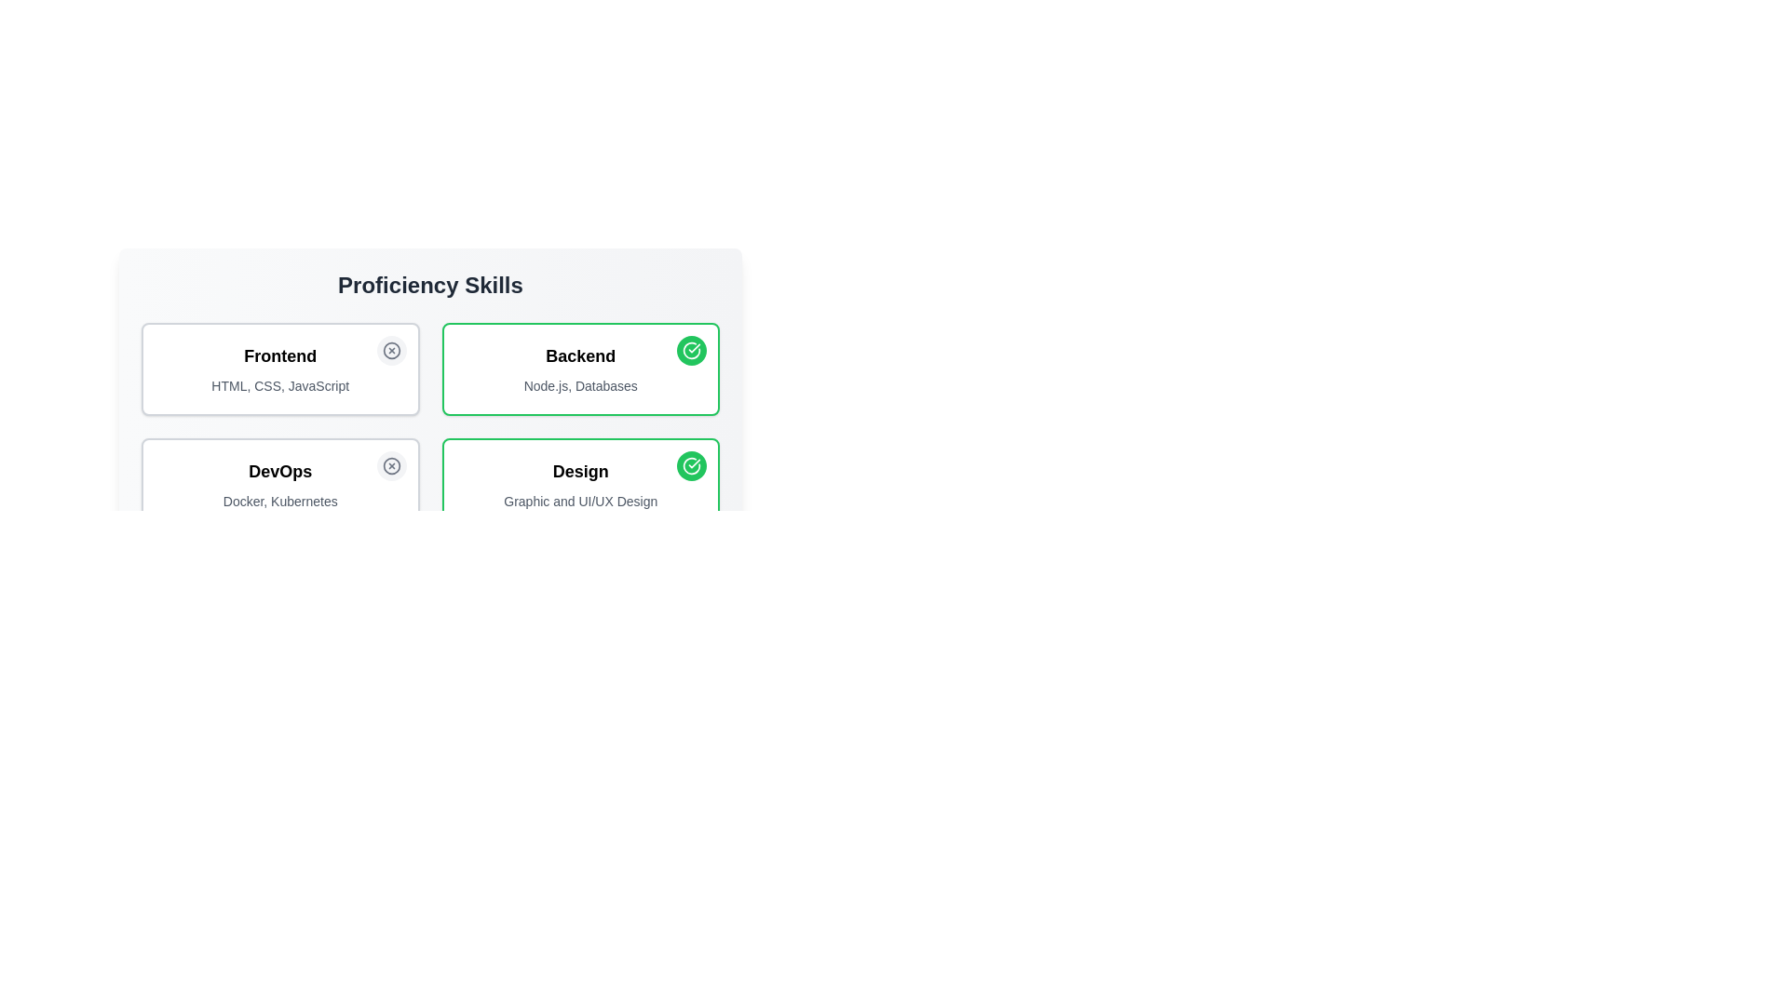 The image size is (1788, 1005). Describe the element at coordinates (390, 351) in the screenshot. I see `the skill associated with Frontend` at that location.